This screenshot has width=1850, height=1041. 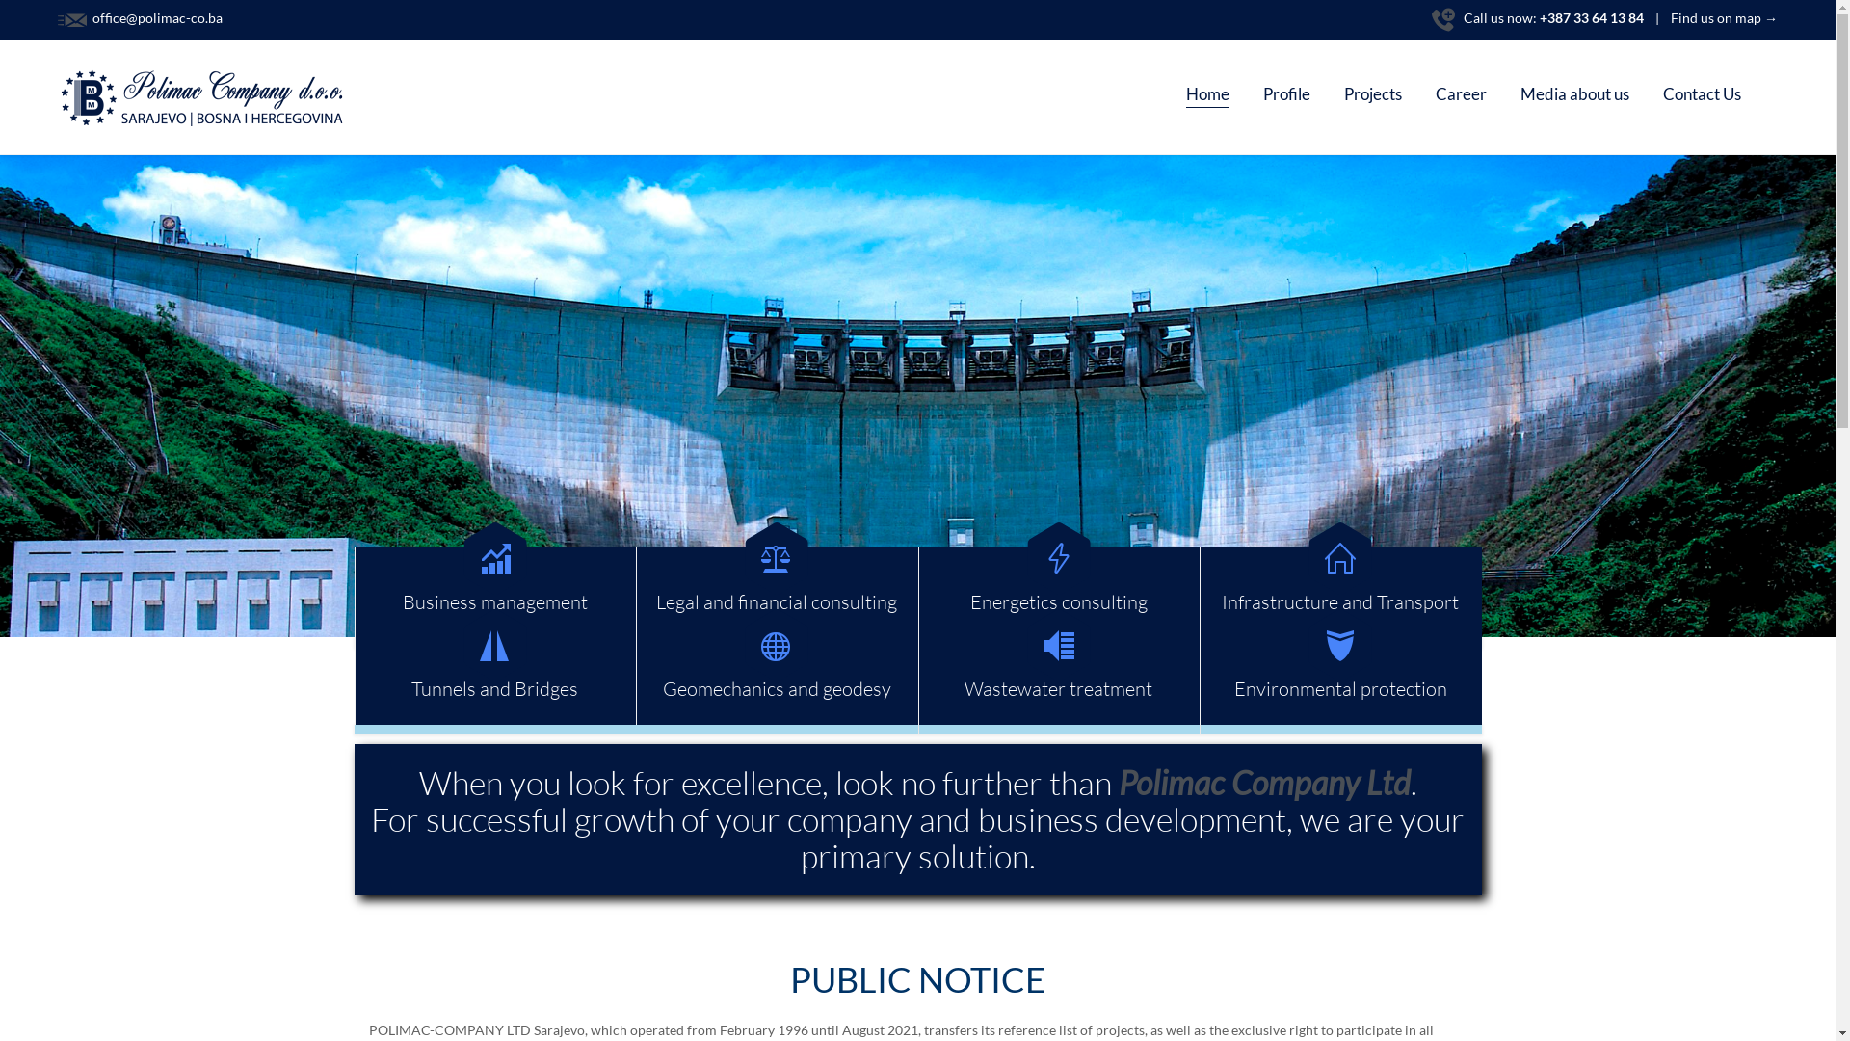 I want to click on ' office@polimac-co.ba', so click(x=156, y=17).